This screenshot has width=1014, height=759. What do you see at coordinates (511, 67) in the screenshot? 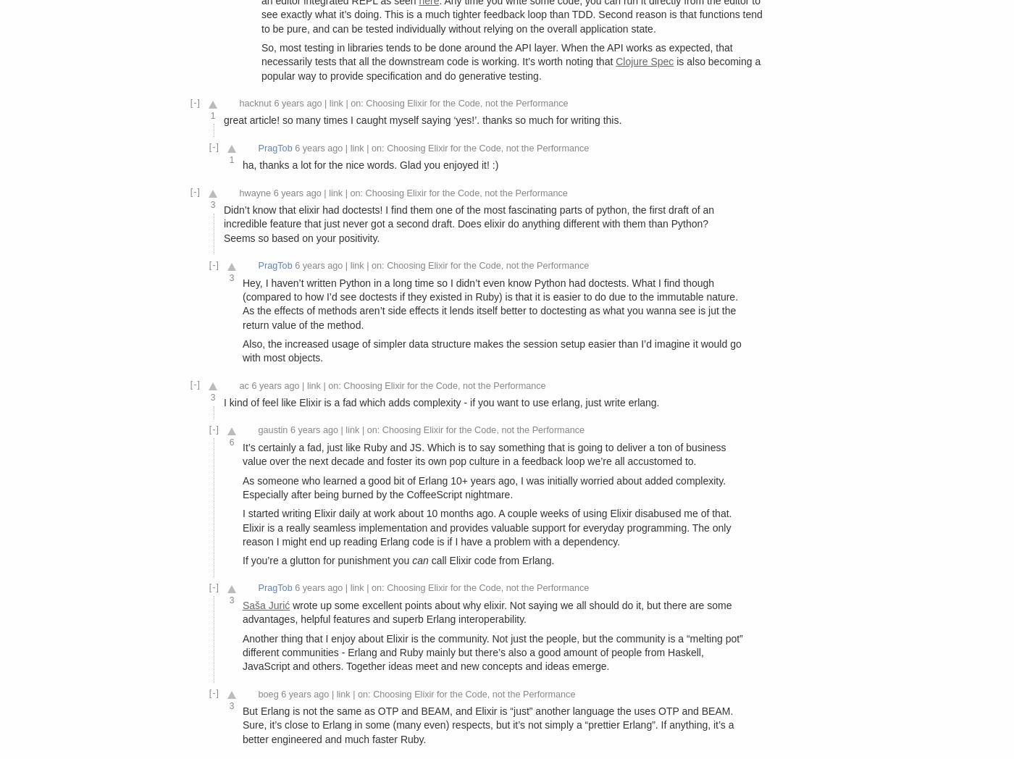
I see `'is also becoming a popular way to provide specification and do generative testing.'` at bounding box center [511, 67].